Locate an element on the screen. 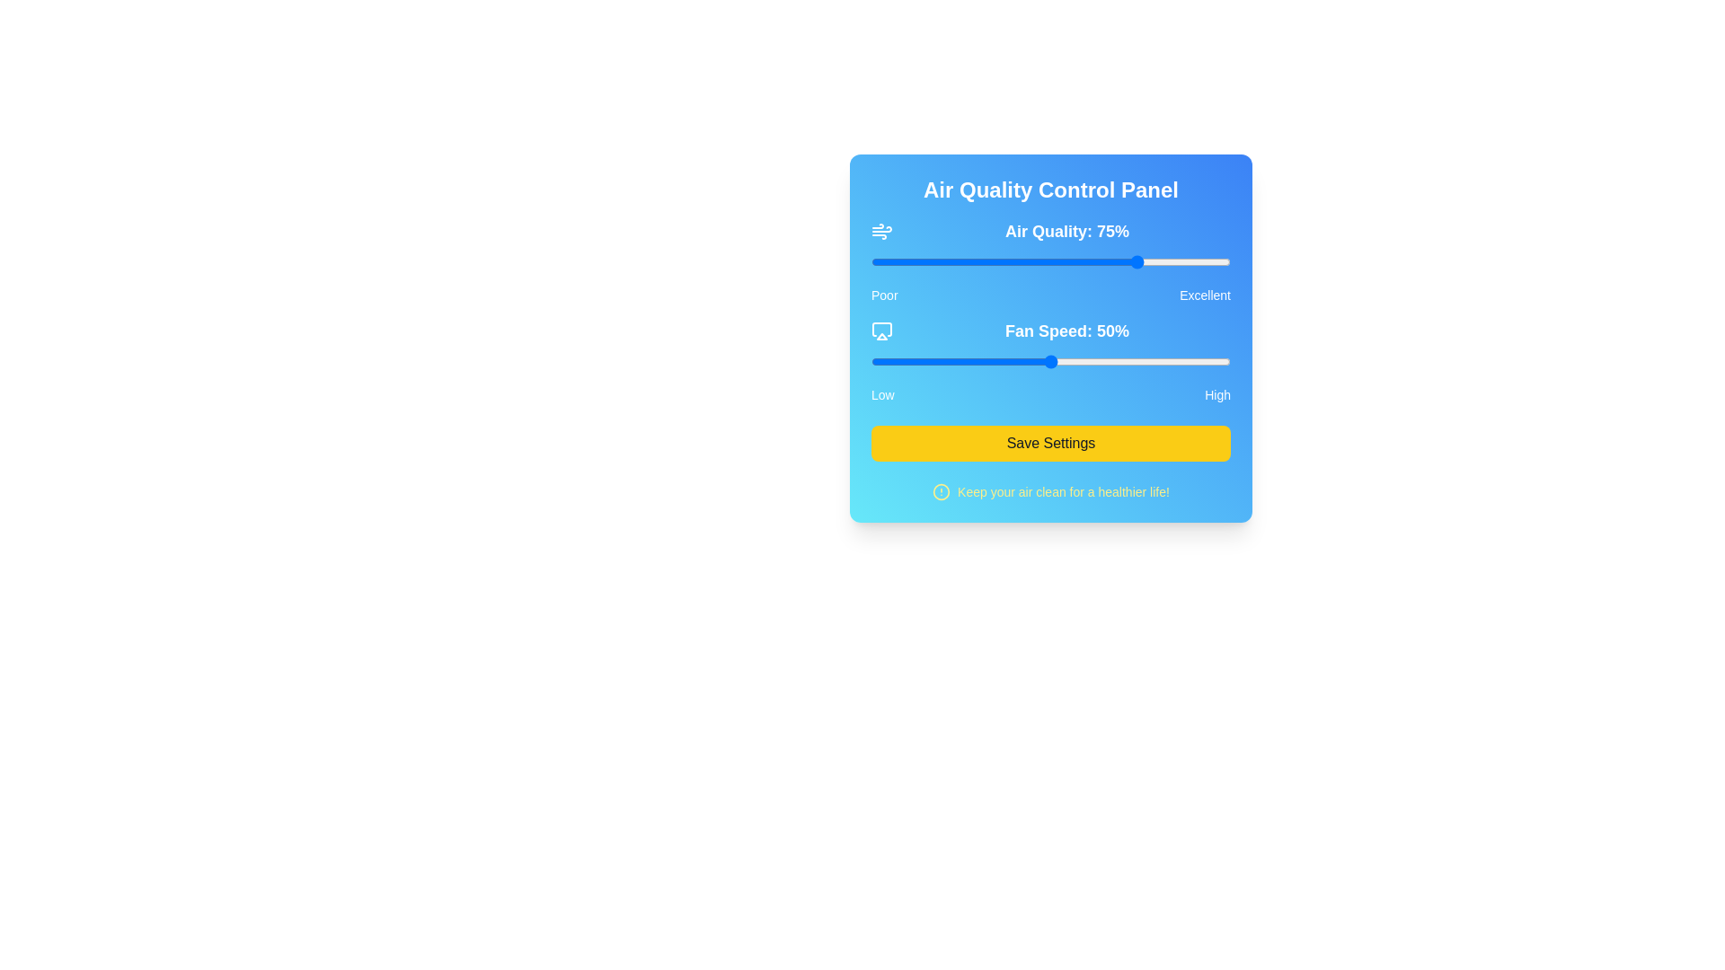 Image resolution: width=1725 pixels, height=970 pixels. the fan speed is located at coordinates (1026, 361).